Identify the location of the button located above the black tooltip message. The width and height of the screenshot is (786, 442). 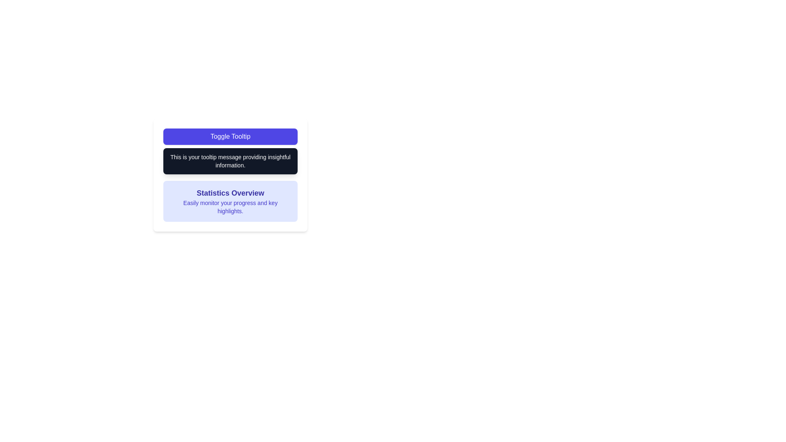
(230, 136).